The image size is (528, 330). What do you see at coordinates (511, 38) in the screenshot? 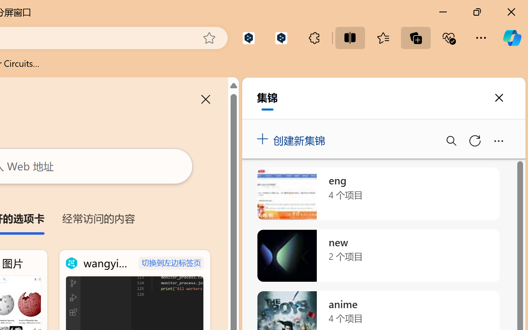
I see `'Copilot (Ctrl+Shift+.)'` at bounding box center [511, 38].